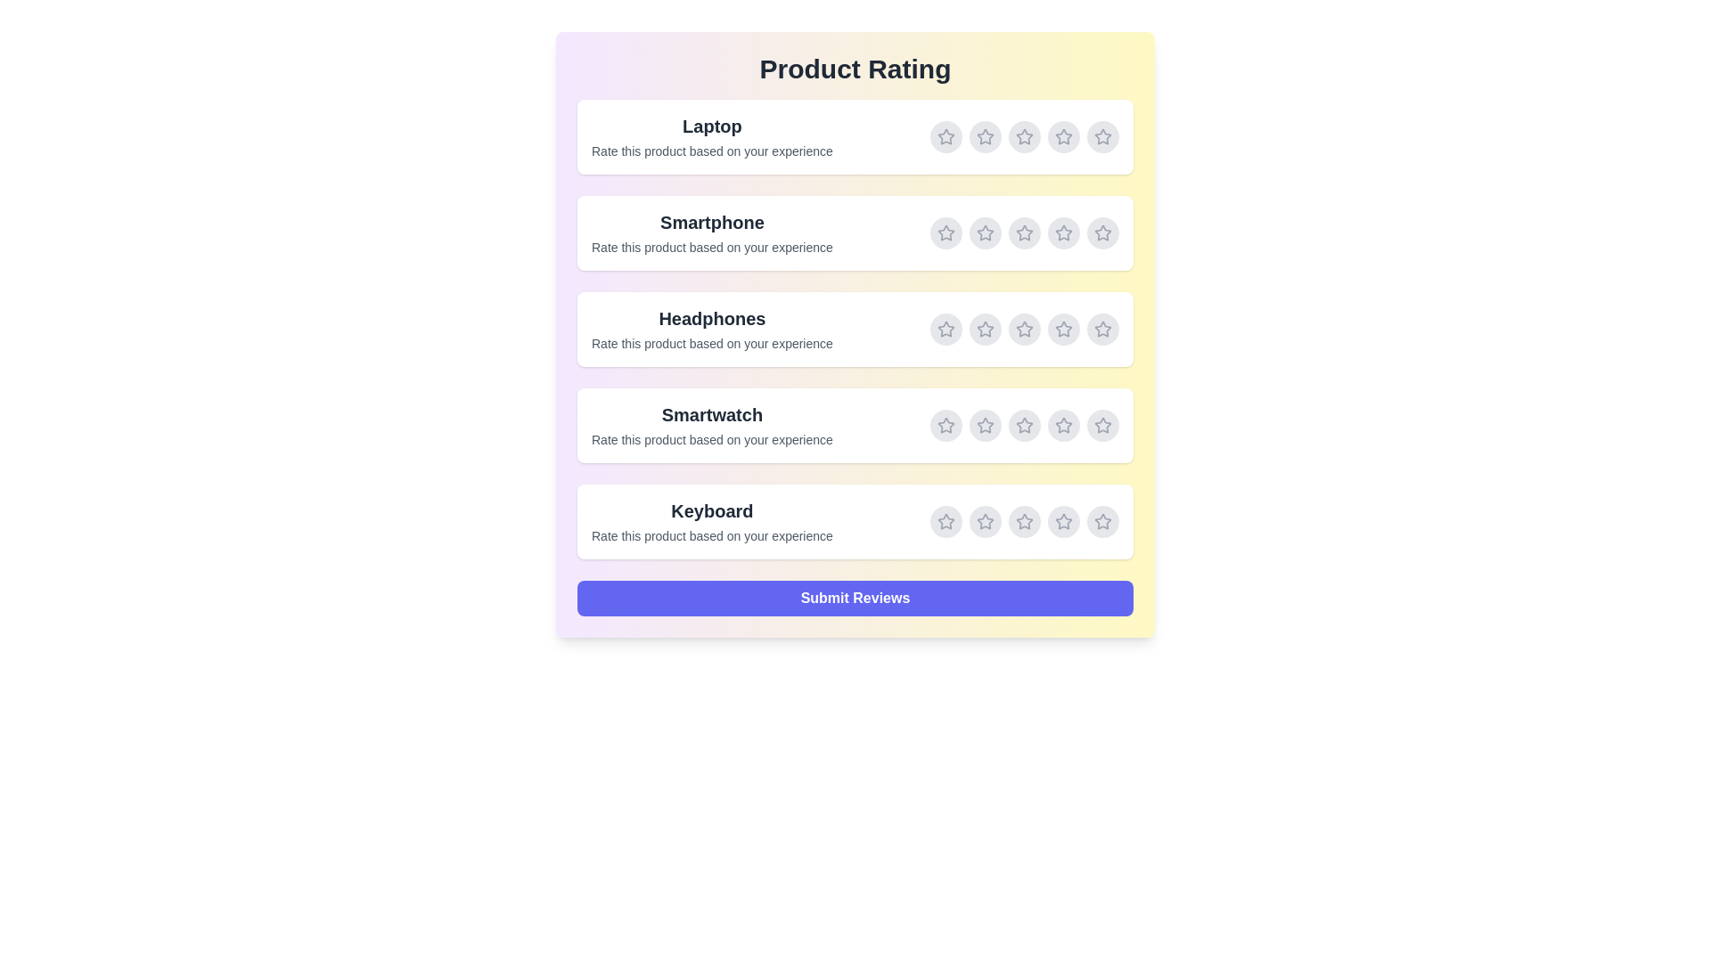 The width and height of the screenshot is (1711, 962). Describe the element at coordinates (1064, 136) in the screenshot. I see `the rating for Laptop to 4 stars` at that location.